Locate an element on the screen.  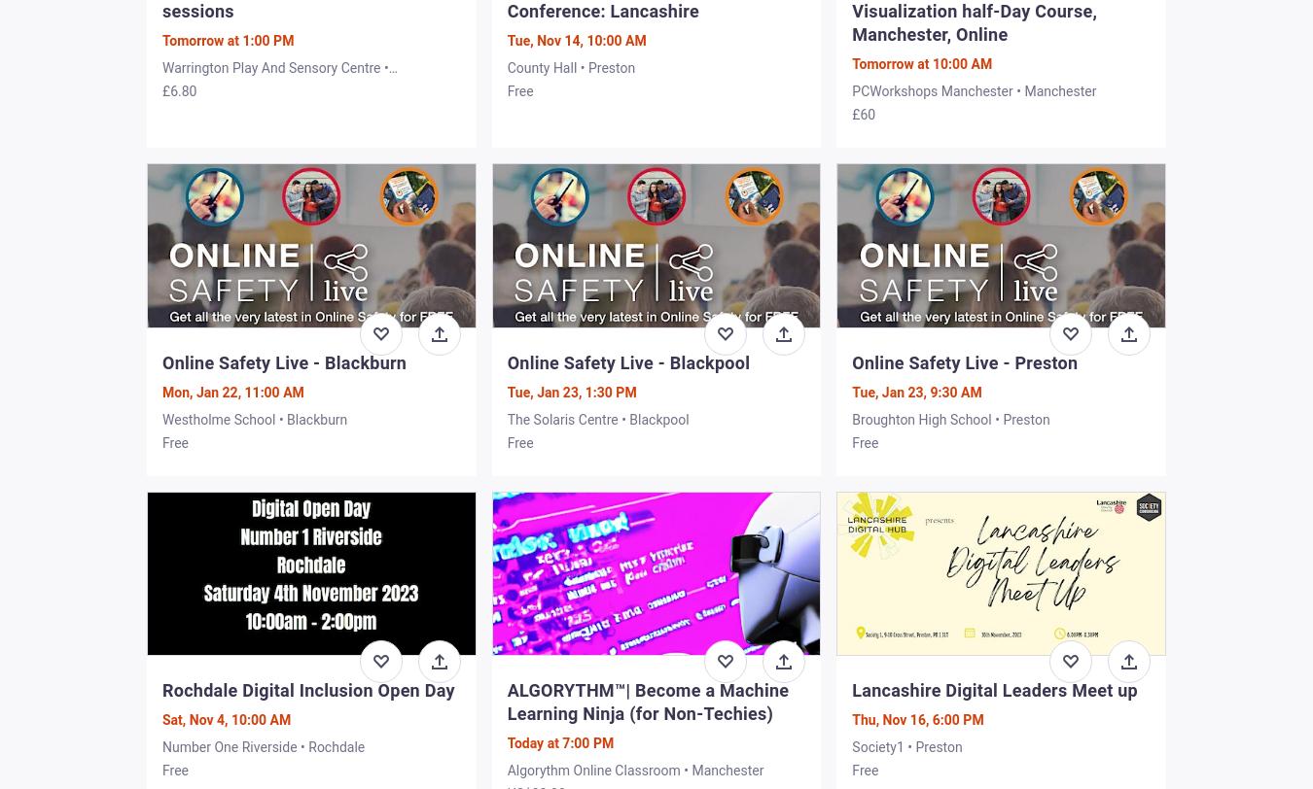
'£6.80' is located at coordinates (179, 91).